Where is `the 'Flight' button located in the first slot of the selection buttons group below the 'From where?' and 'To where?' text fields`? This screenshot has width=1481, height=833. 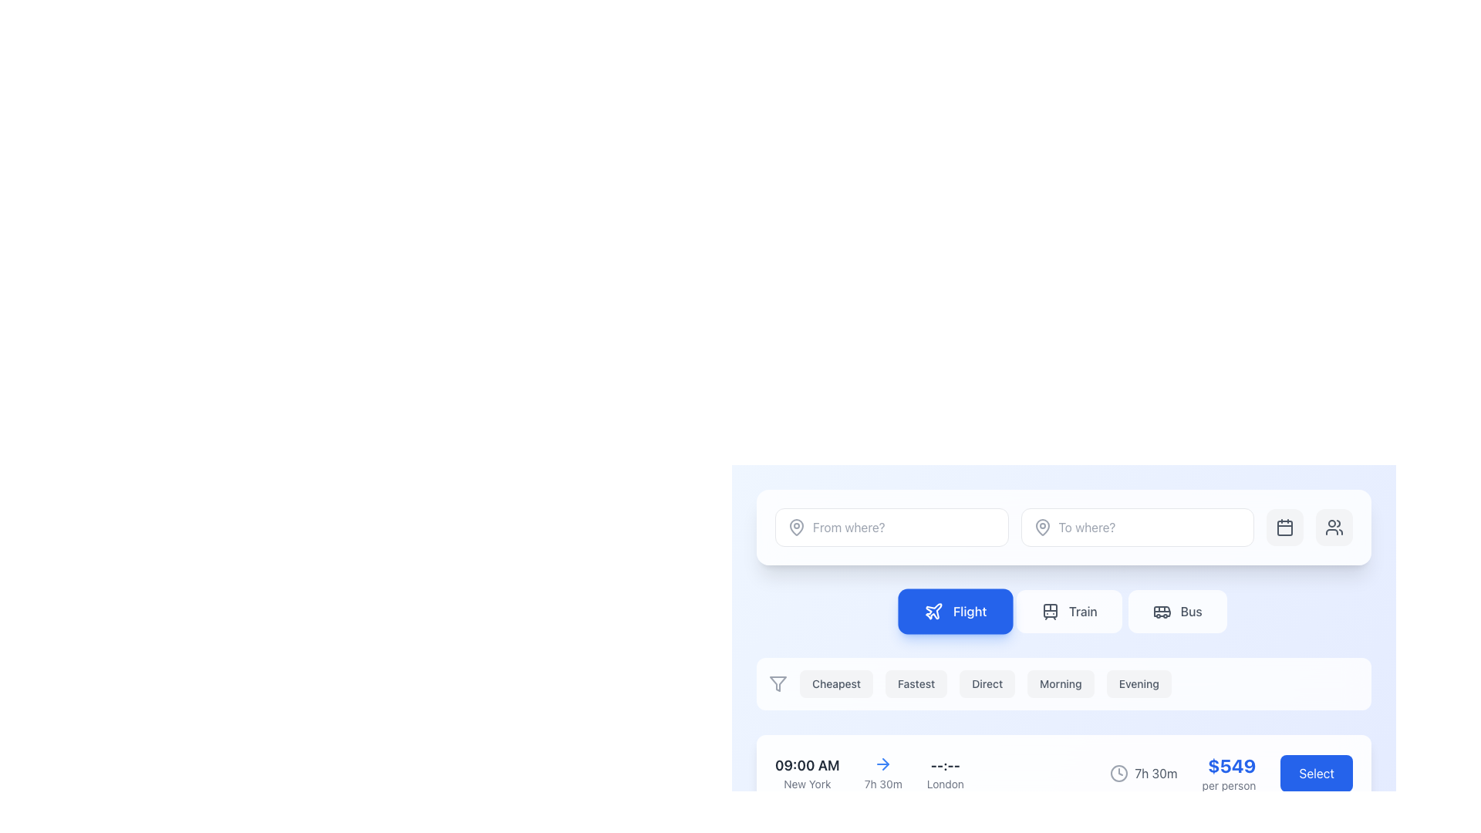 the 'Flight' button located in the first slot of the selection buttons group below the 'From where?' and 'To where?' text fields is located at coordinates (954, 611).